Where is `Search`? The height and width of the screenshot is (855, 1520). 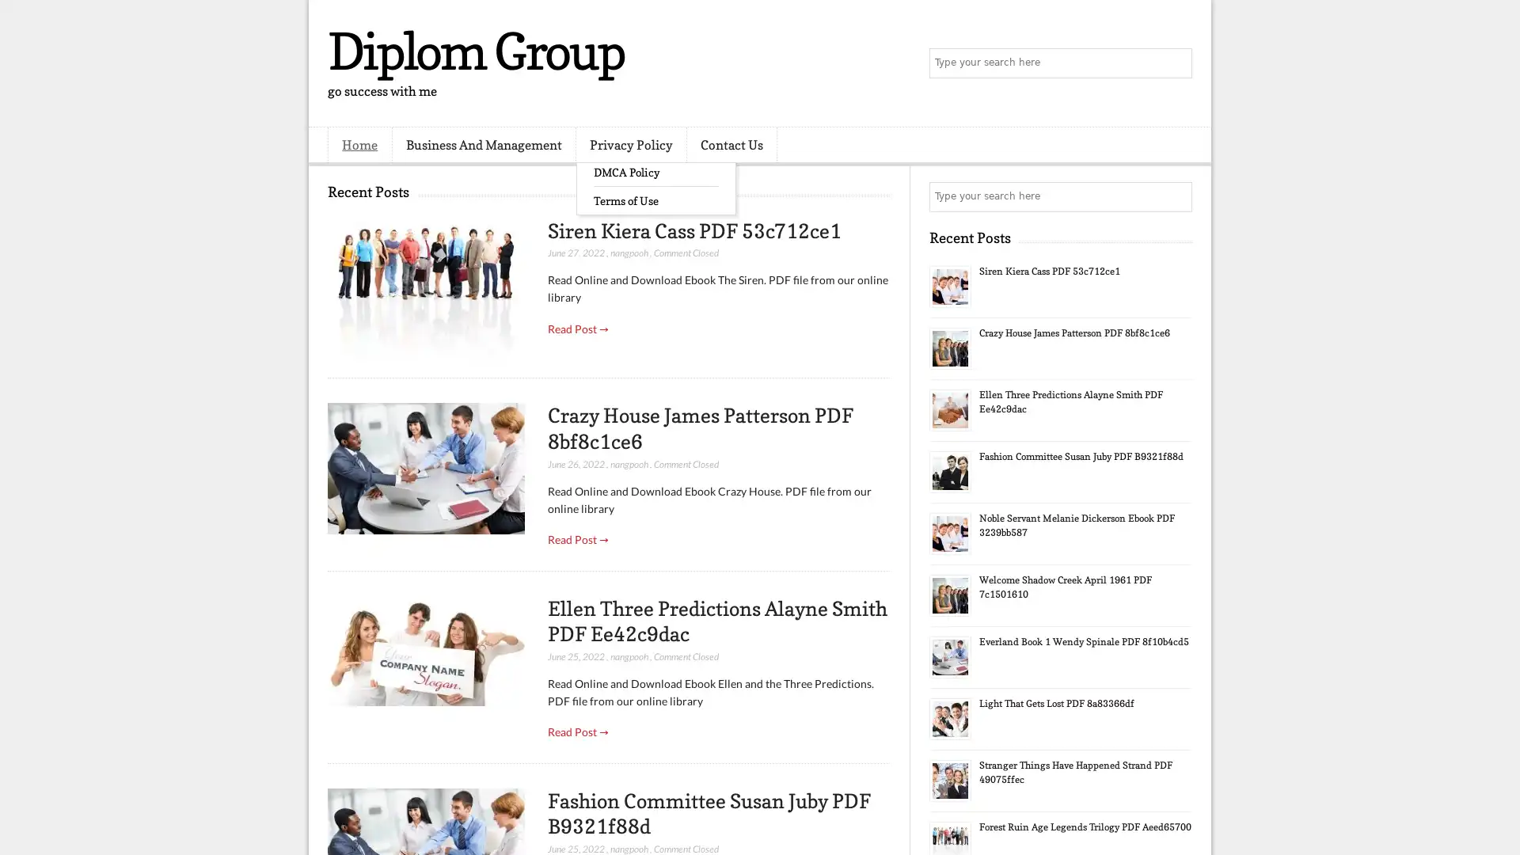 Search is located at coordinates (1176, 63).